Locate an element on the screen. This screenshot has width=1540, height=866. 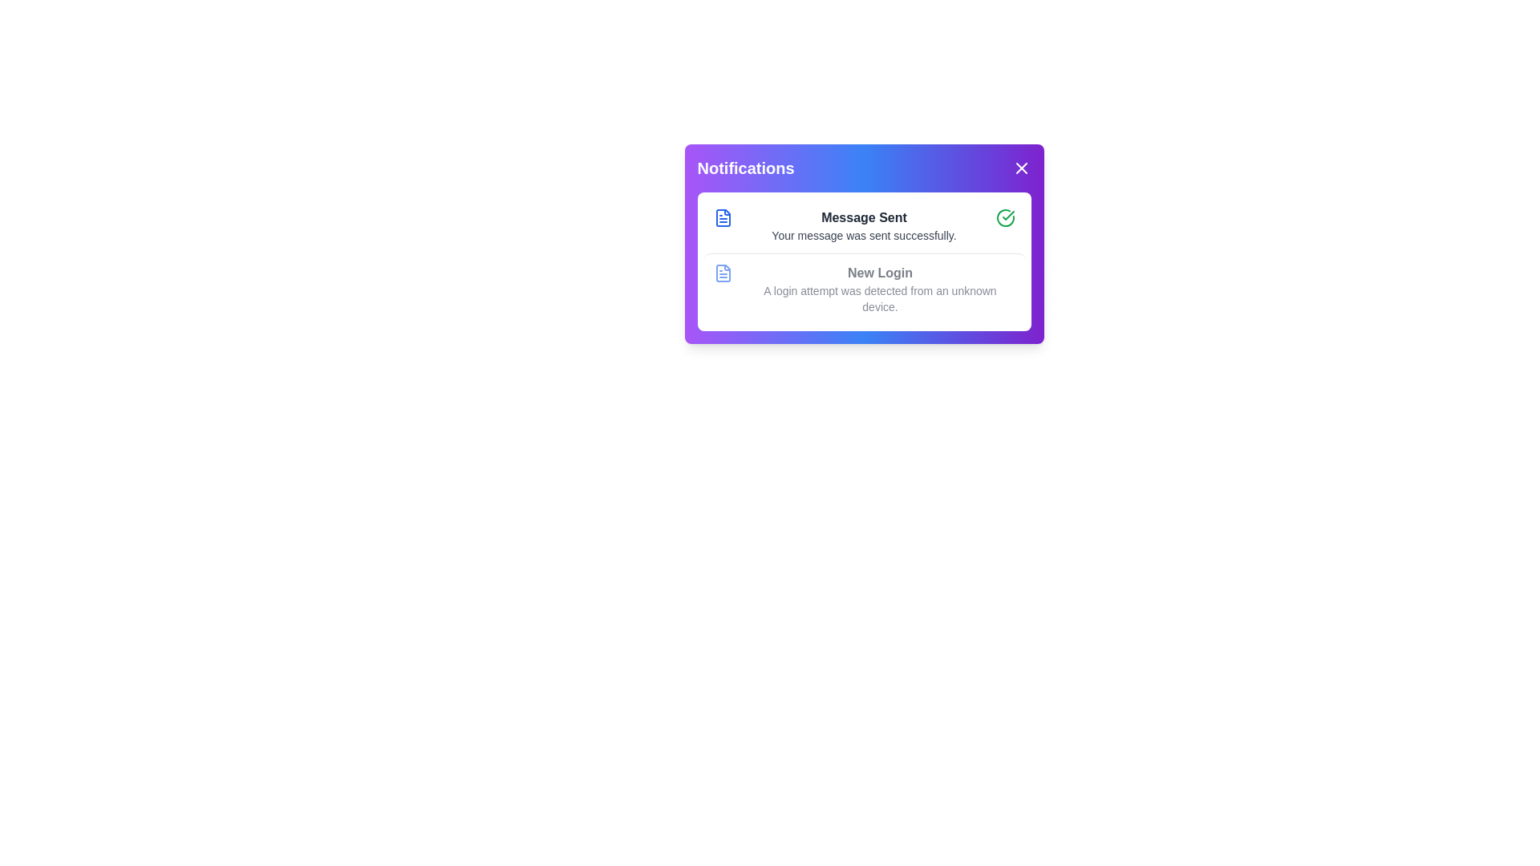
the text label that serves as the title for the notification about a login attempt, located below the 'Message Sent' section in a stacked notification layout is located at coordinates (879, 272).